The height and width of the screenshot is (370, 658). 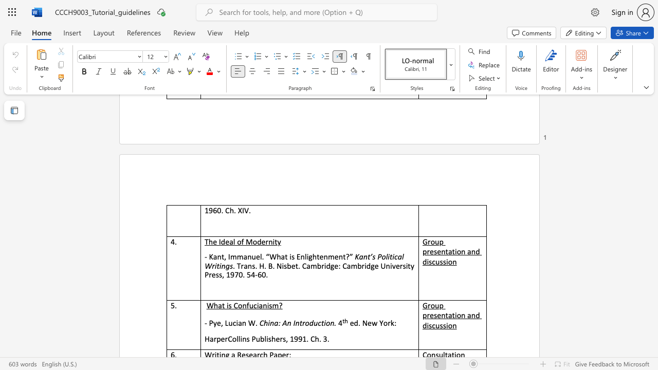 What do you see at coordinates (236, 242) in the screenshot?
I see `the subset text "of Mo" within the text "The Ideal of Modernity"` at bounding box center [236, 242].